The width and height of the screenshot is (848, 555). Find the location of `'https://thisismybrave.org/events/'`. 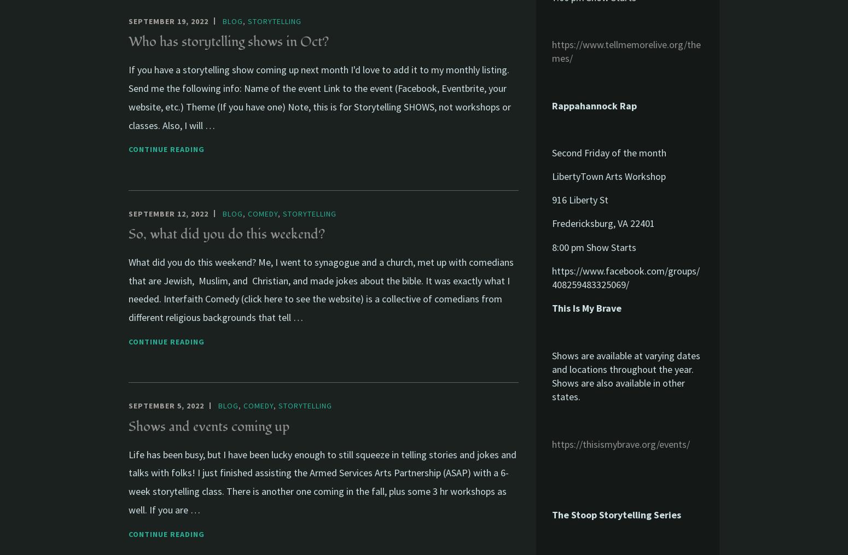

'https://thisismybrave.org/events/' is located at coordinates (620, 443).